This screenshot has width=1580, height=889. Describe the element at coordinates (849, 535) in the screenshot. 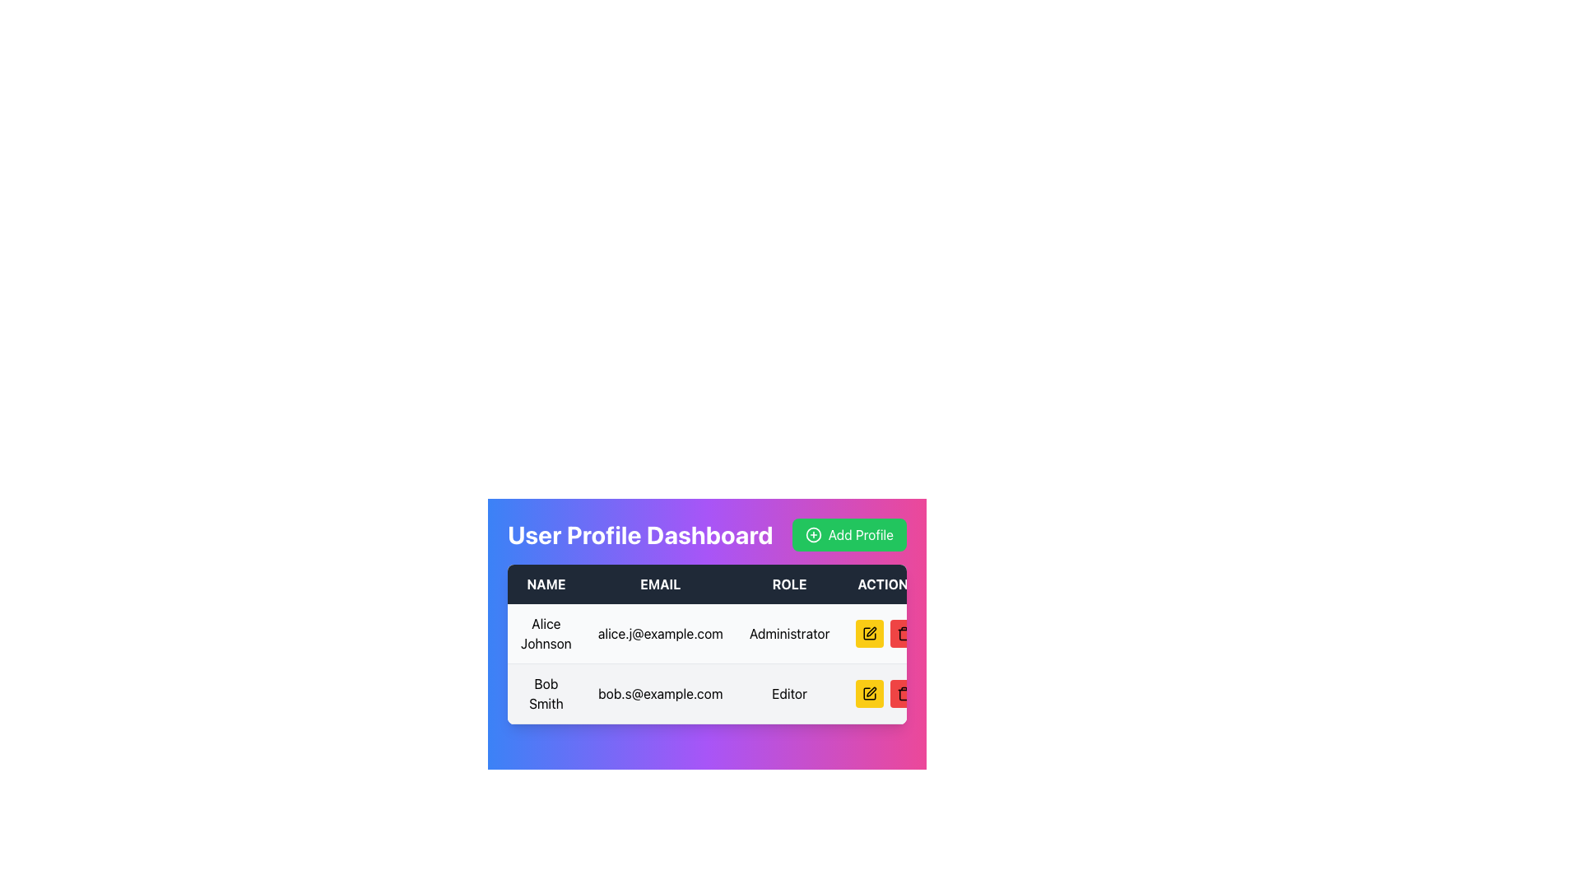

I see `the 'Add Profile' button, which is a green rectangular button with rounded corners and a plus sign icon, located in the top-right corner of the 'User Profile Dashboard'` at that location.